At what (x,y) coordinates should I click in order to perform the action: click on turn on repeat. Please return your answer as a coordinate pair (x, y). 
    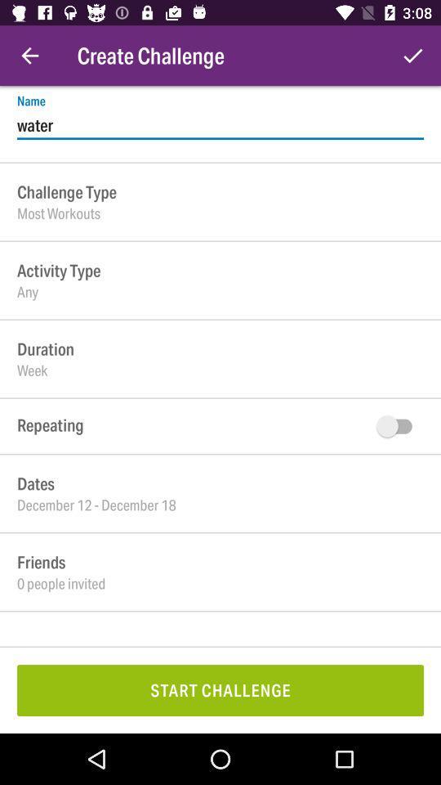
    Looking at the image, I should click on (397, 425).